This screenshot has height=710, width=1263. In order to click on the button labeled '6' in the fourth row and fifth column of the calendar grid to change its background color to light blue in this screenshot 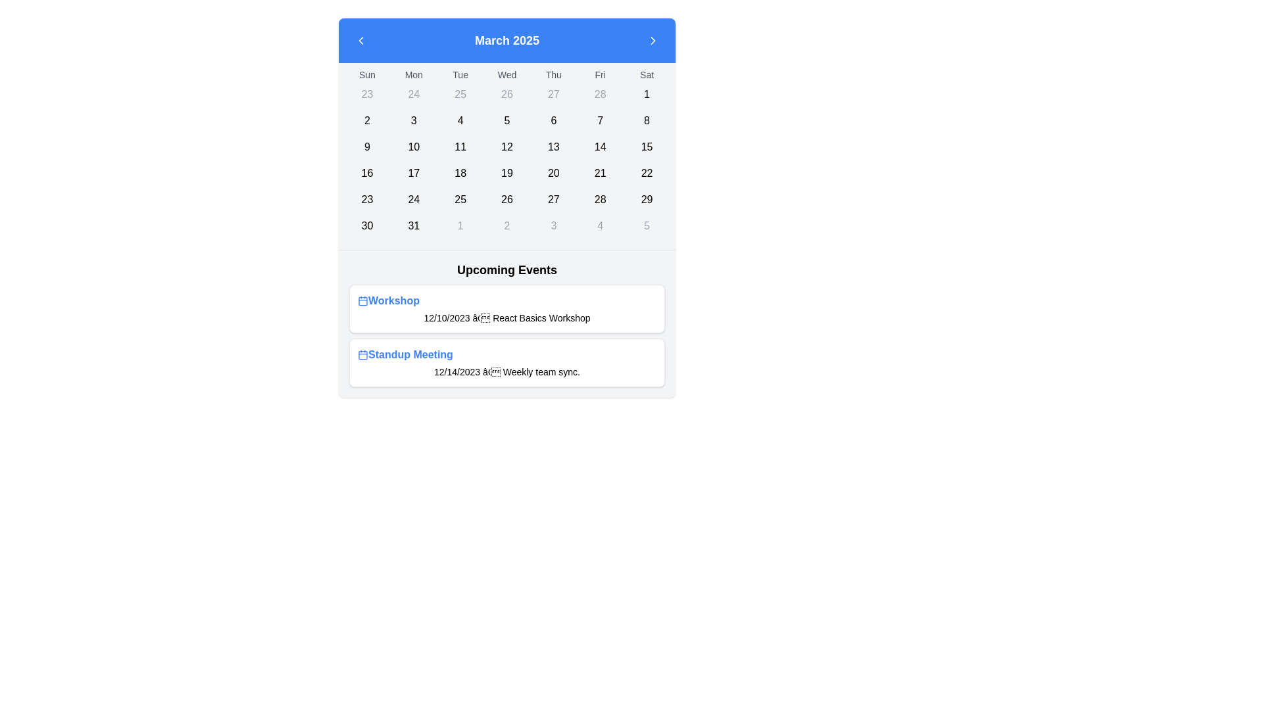, I will do `click(553, 121)`.